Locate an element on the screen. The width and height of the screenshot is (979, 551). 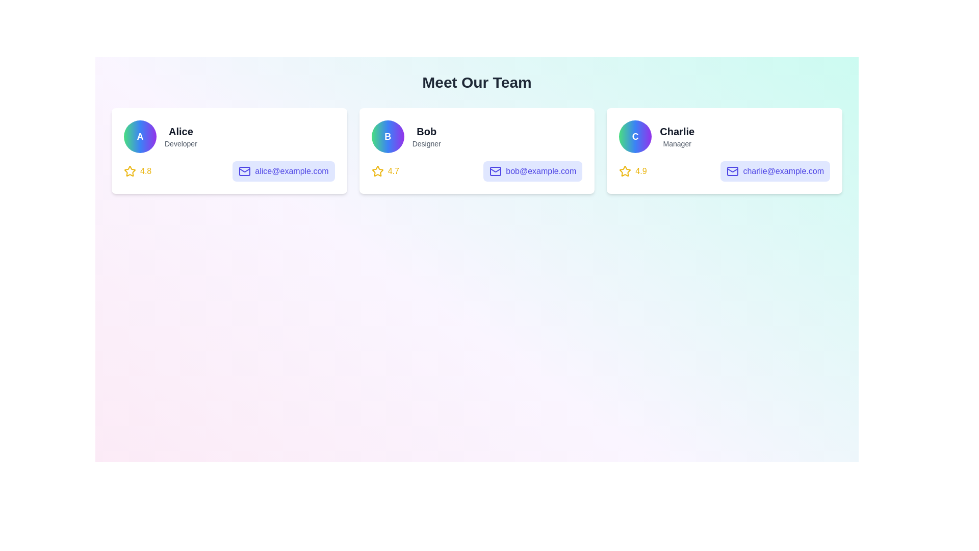
the email address link for Charlie located in the 'Contact Information' section of the card in the 'Meet Our Team' layout is located at coordinates (783, 170).